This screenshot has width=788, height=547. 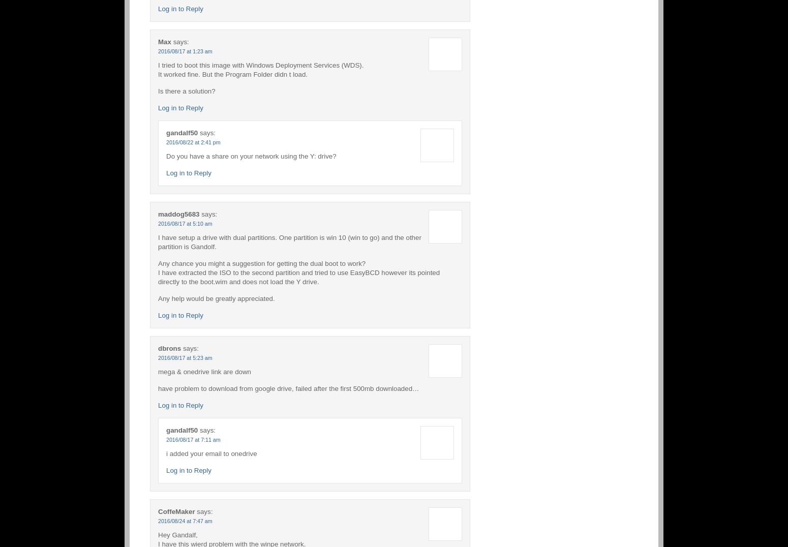 What do you see at coordinates (164, 41) in the screenshot?
I see `'Max'` at bounding box center [164, 41].